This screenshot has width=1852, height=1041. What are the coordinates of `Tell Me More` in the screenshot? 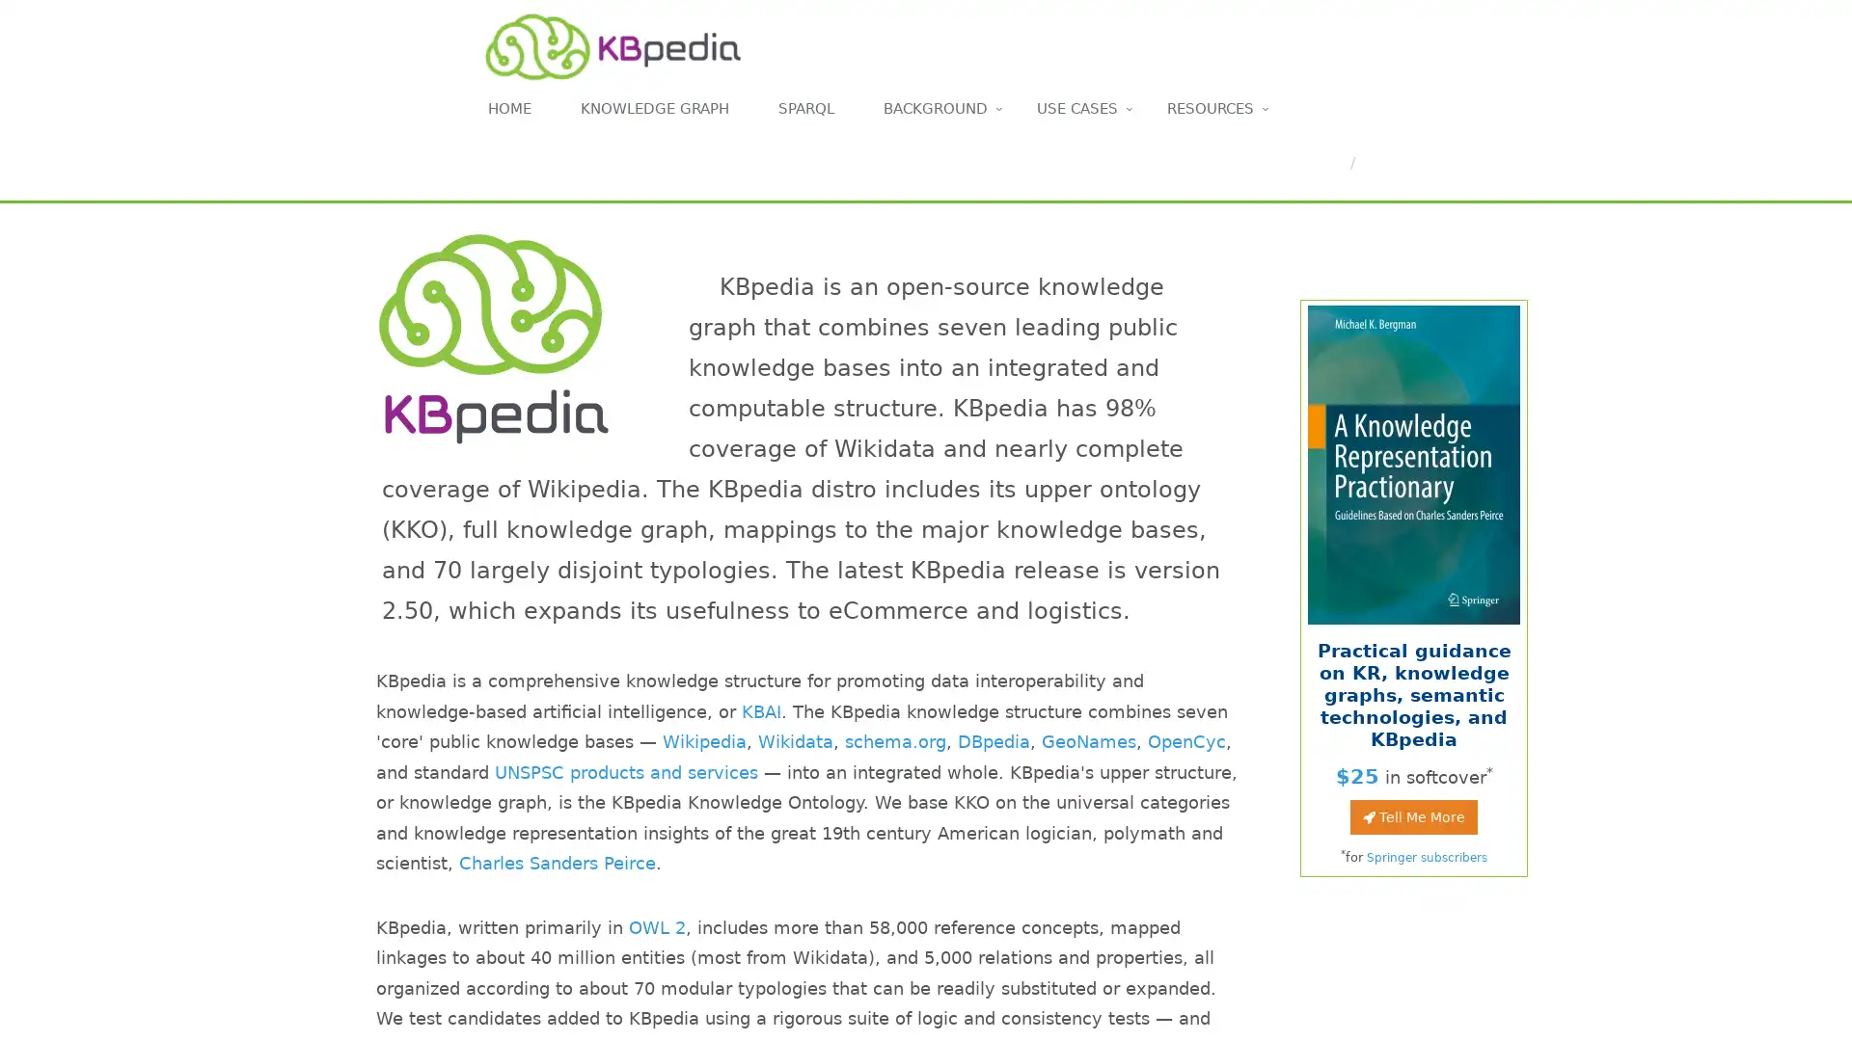 It's located at (1413, 816).